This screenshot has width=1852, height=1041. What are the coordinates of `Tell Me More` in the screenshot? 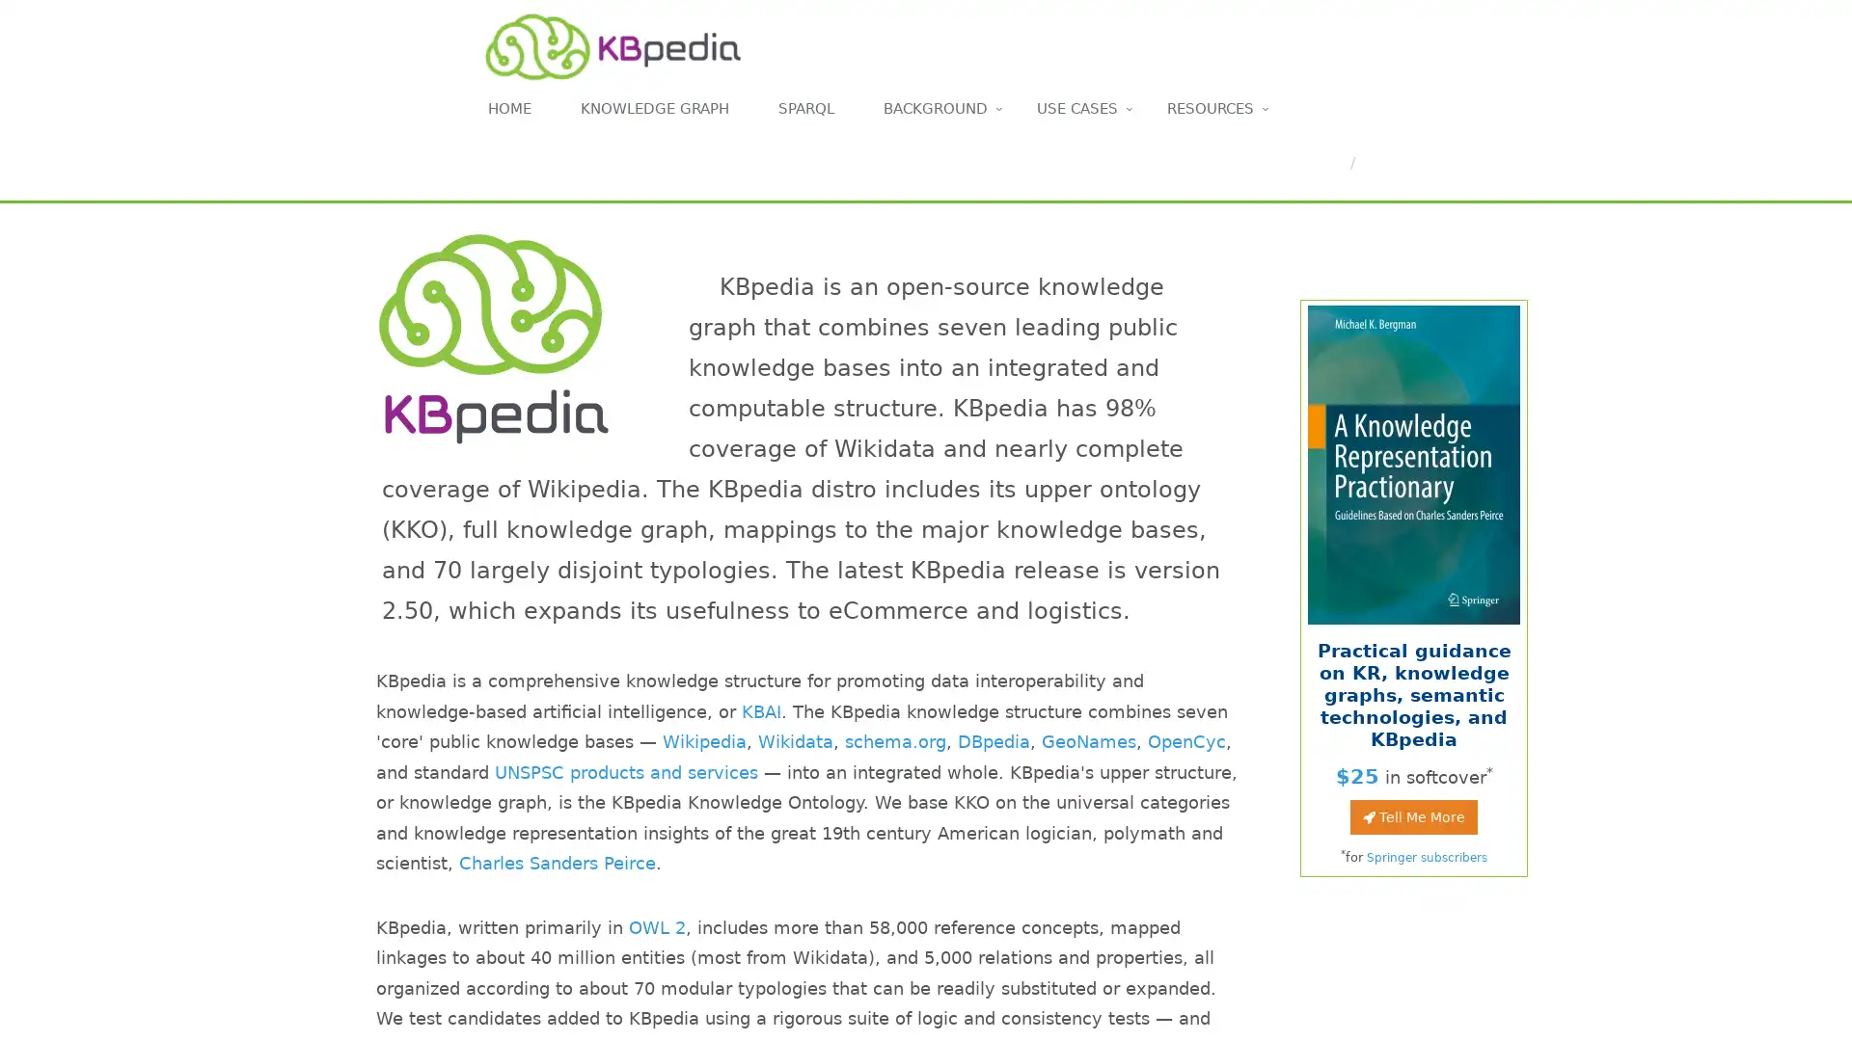 It's located at (1413, 816).